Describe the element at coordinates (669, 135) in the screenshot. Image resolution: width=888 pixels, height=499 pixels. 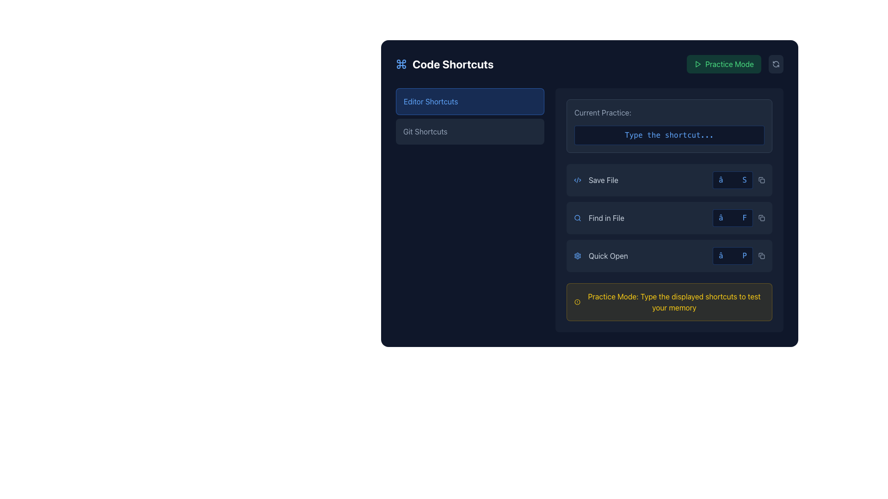
I see `on the text field with placeholder text located in the 'Current Practice:' section` at that location.